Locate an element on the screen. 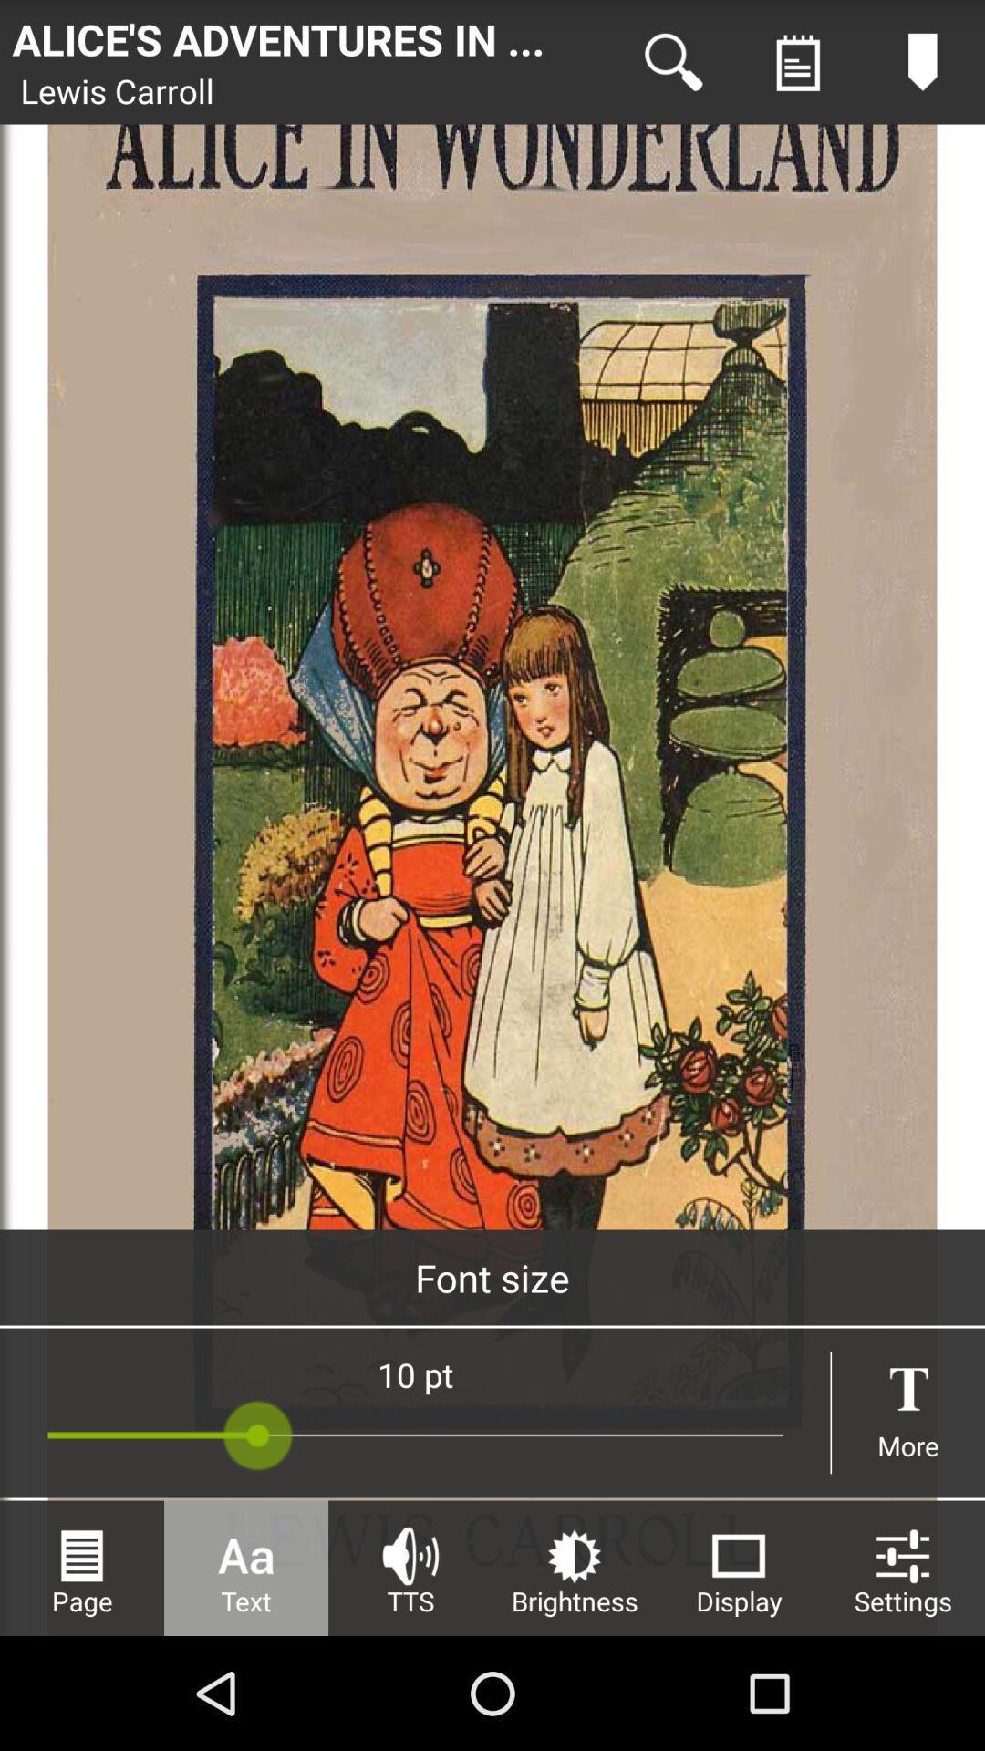  notepad option is located at coordinates (797, 62).